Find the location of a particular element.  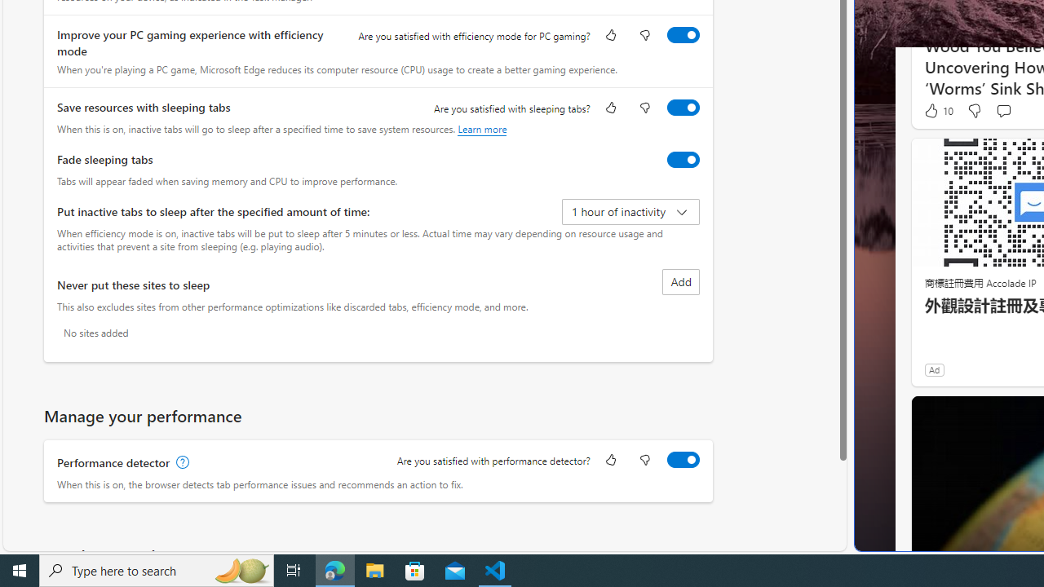

'Performance detector, learn more' is located at coordinates (181, 462).